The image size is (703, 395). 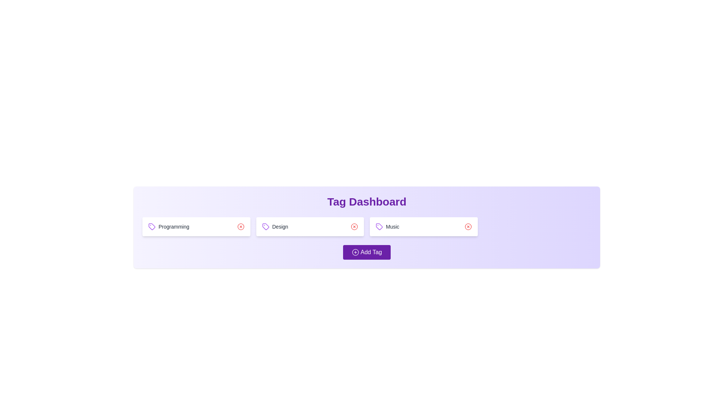 What do you see at coordinates (265, 226) in the screenshot?
I see `the purple outline tag icon located to the left of the 'Design' text label within the 'Design' card` at bounding box center [265, 226].